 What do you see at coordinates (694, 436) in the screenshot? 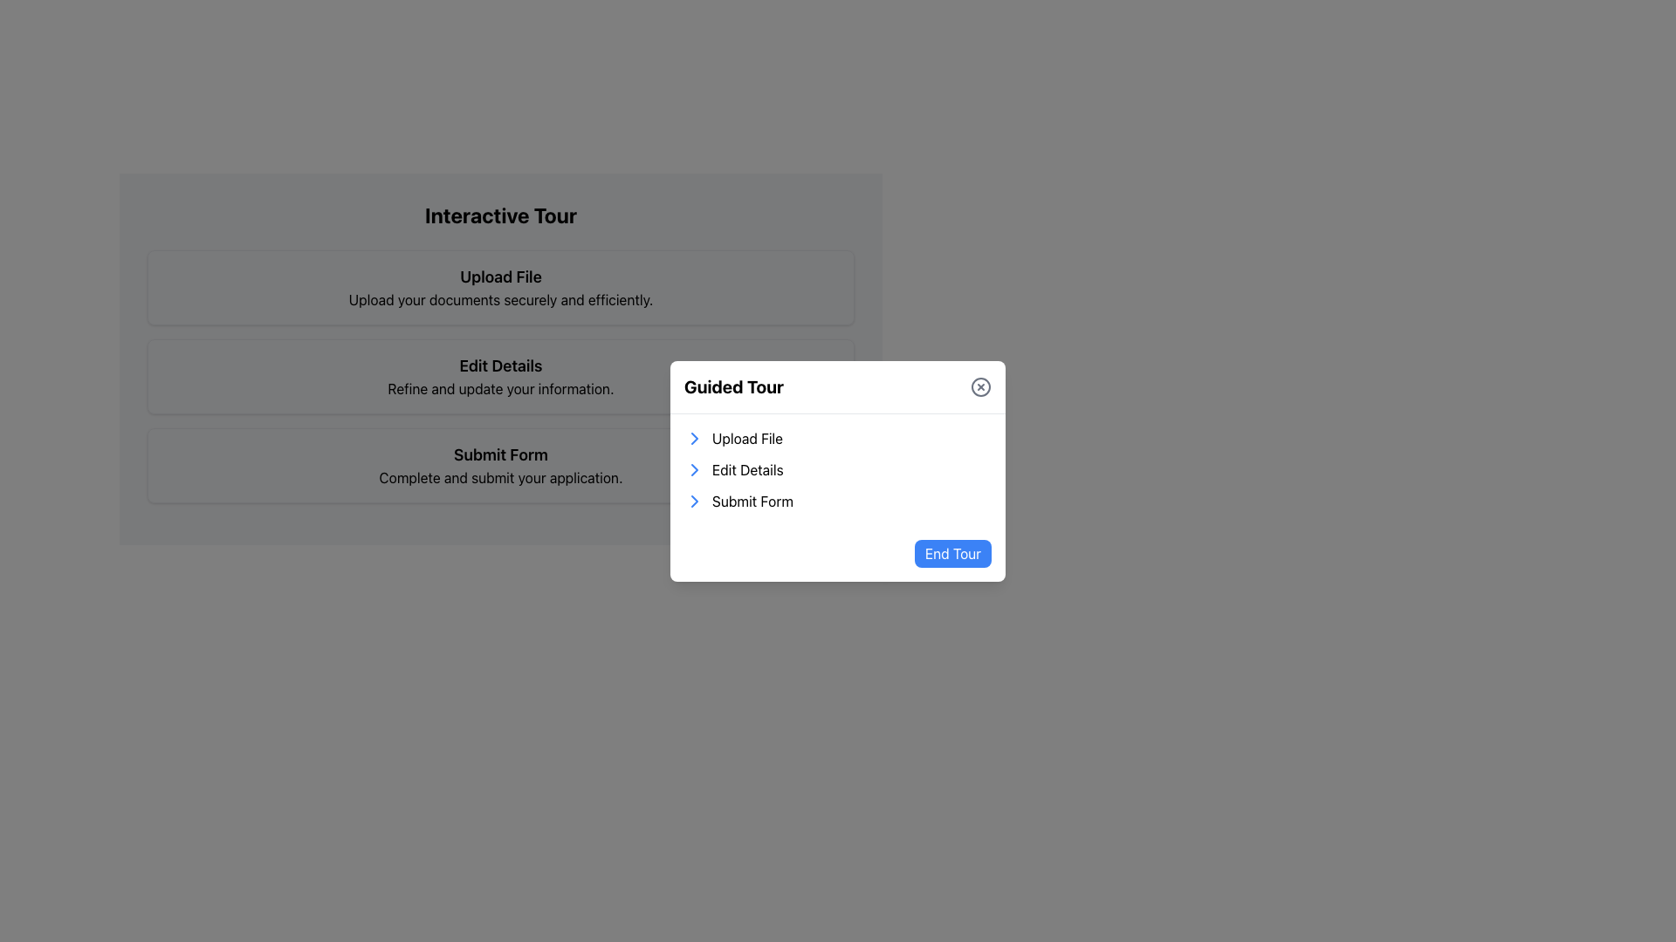
I see `the chevron icon located to the left of the 'Upload File' text in the first row of the list within the 'Guided Tour' modal` at bounding box center [694, 436].